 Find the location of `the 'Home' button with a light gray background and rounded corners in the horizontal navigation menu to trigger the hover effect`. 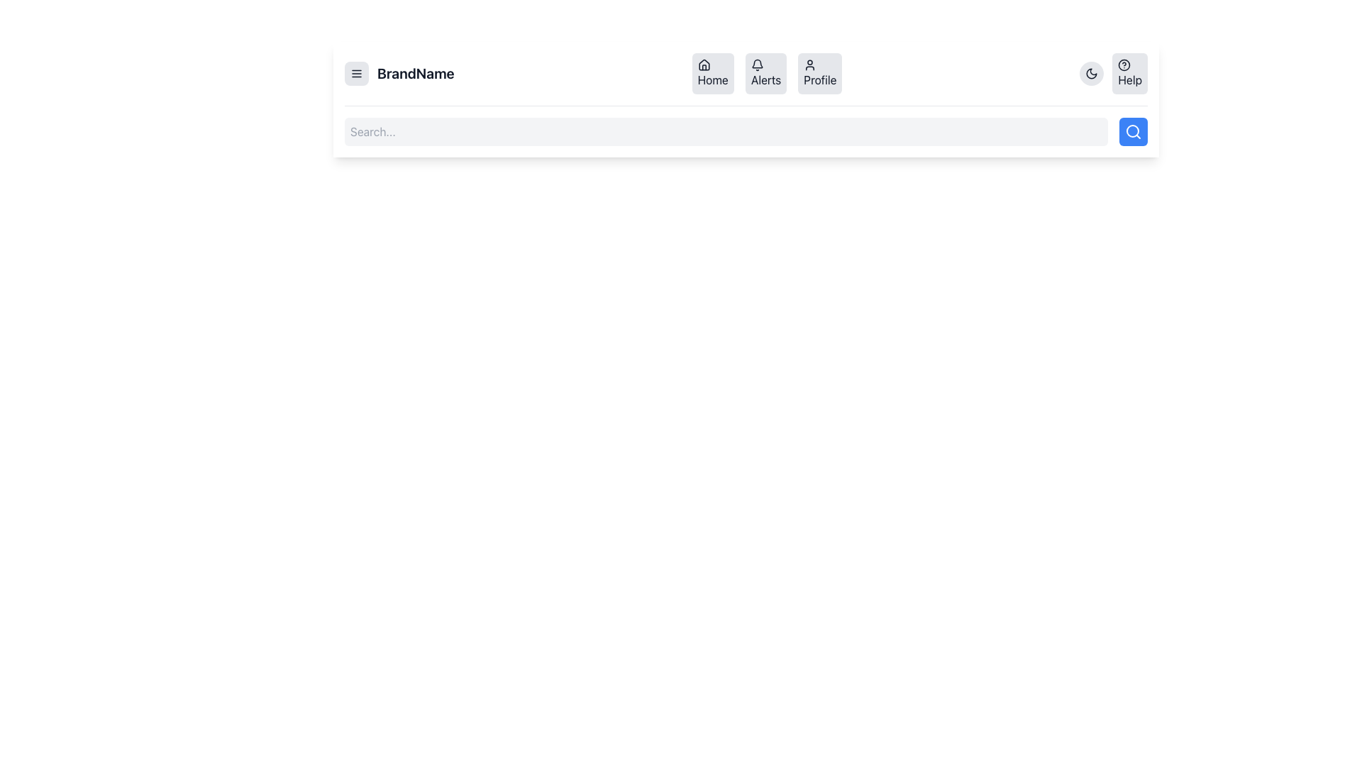

the 'Home' button with a light gray background and rounded corners in the horizontal navigation menu to trigger the hover effect is located at coordinates (713, 74).